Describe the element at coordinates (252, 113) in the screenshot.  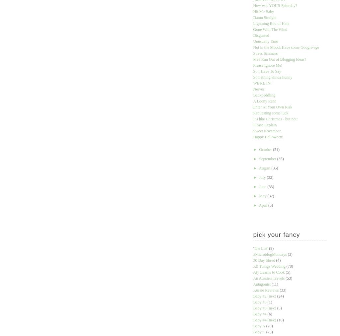
I see `'Requesting some luck'` at that location.